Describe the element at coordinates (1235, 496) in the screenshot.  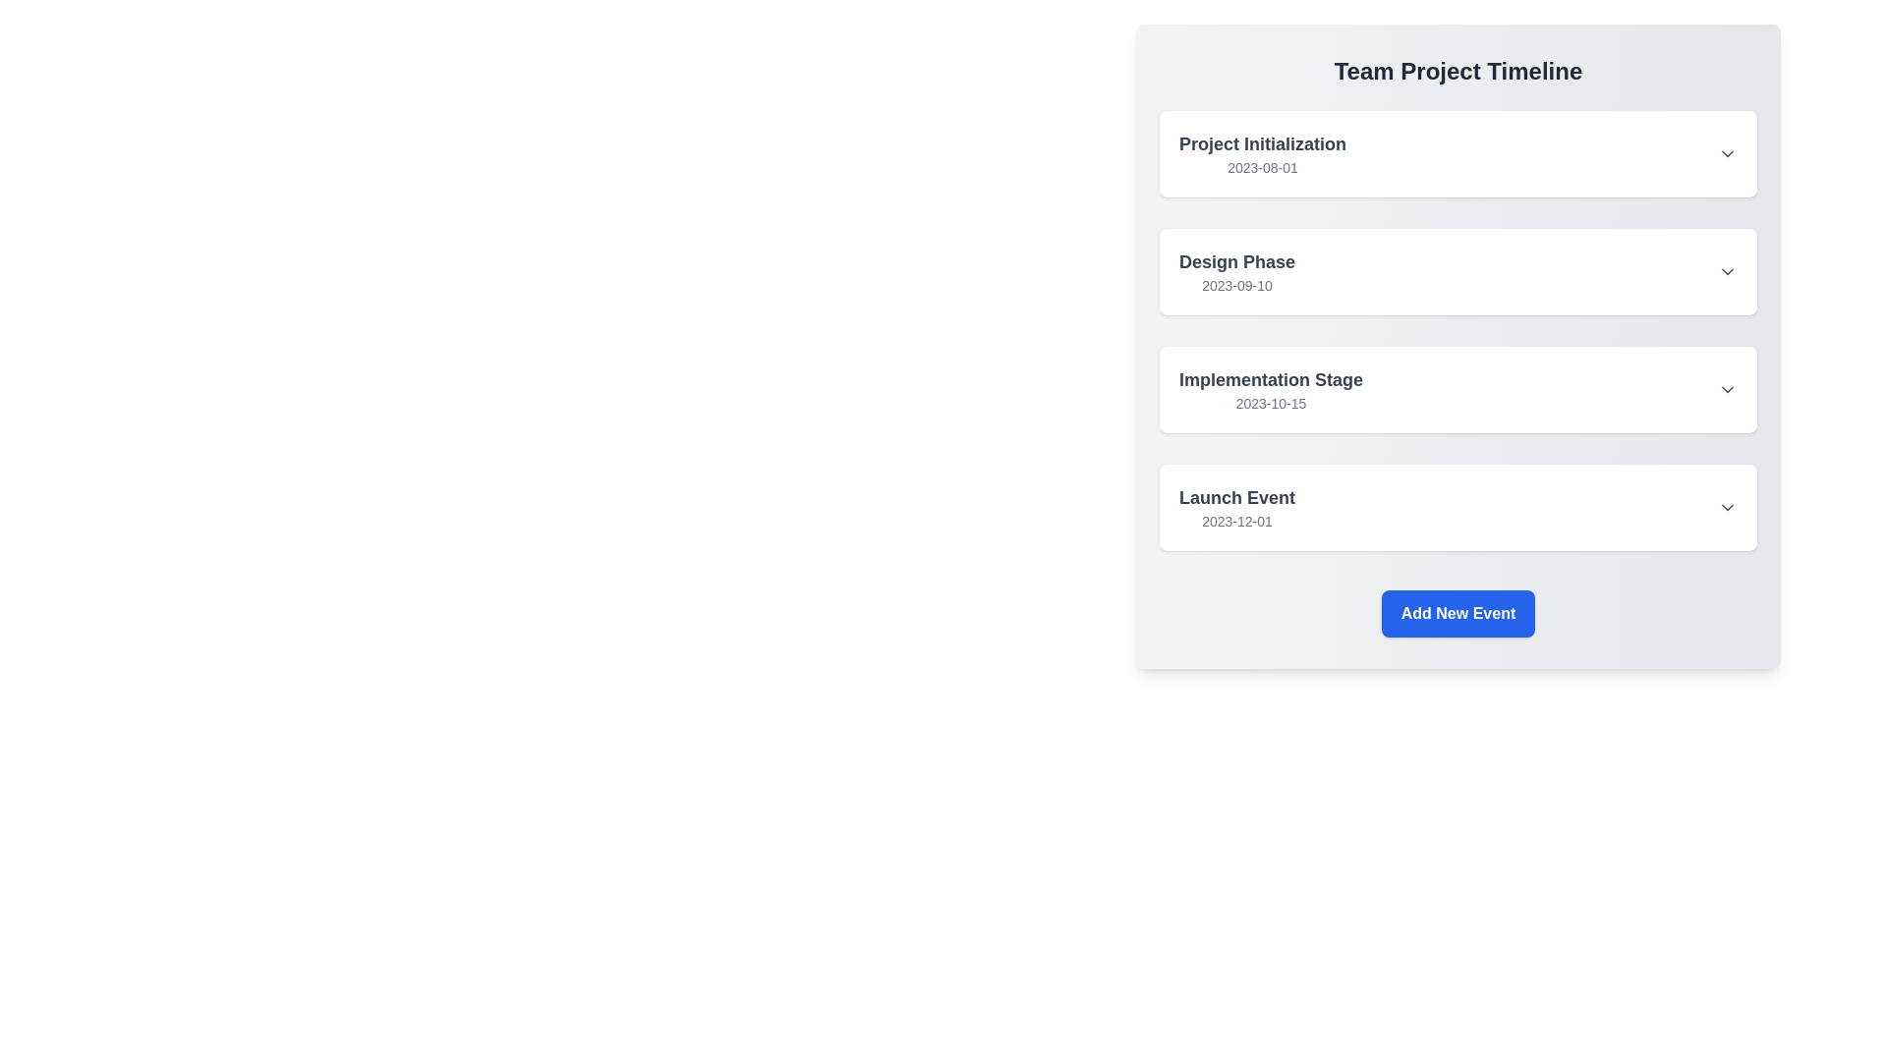
I see `text label displaying 'Launch Event' which is a bold, large, dark gray text positioned at the center of the timeline component` at that location.